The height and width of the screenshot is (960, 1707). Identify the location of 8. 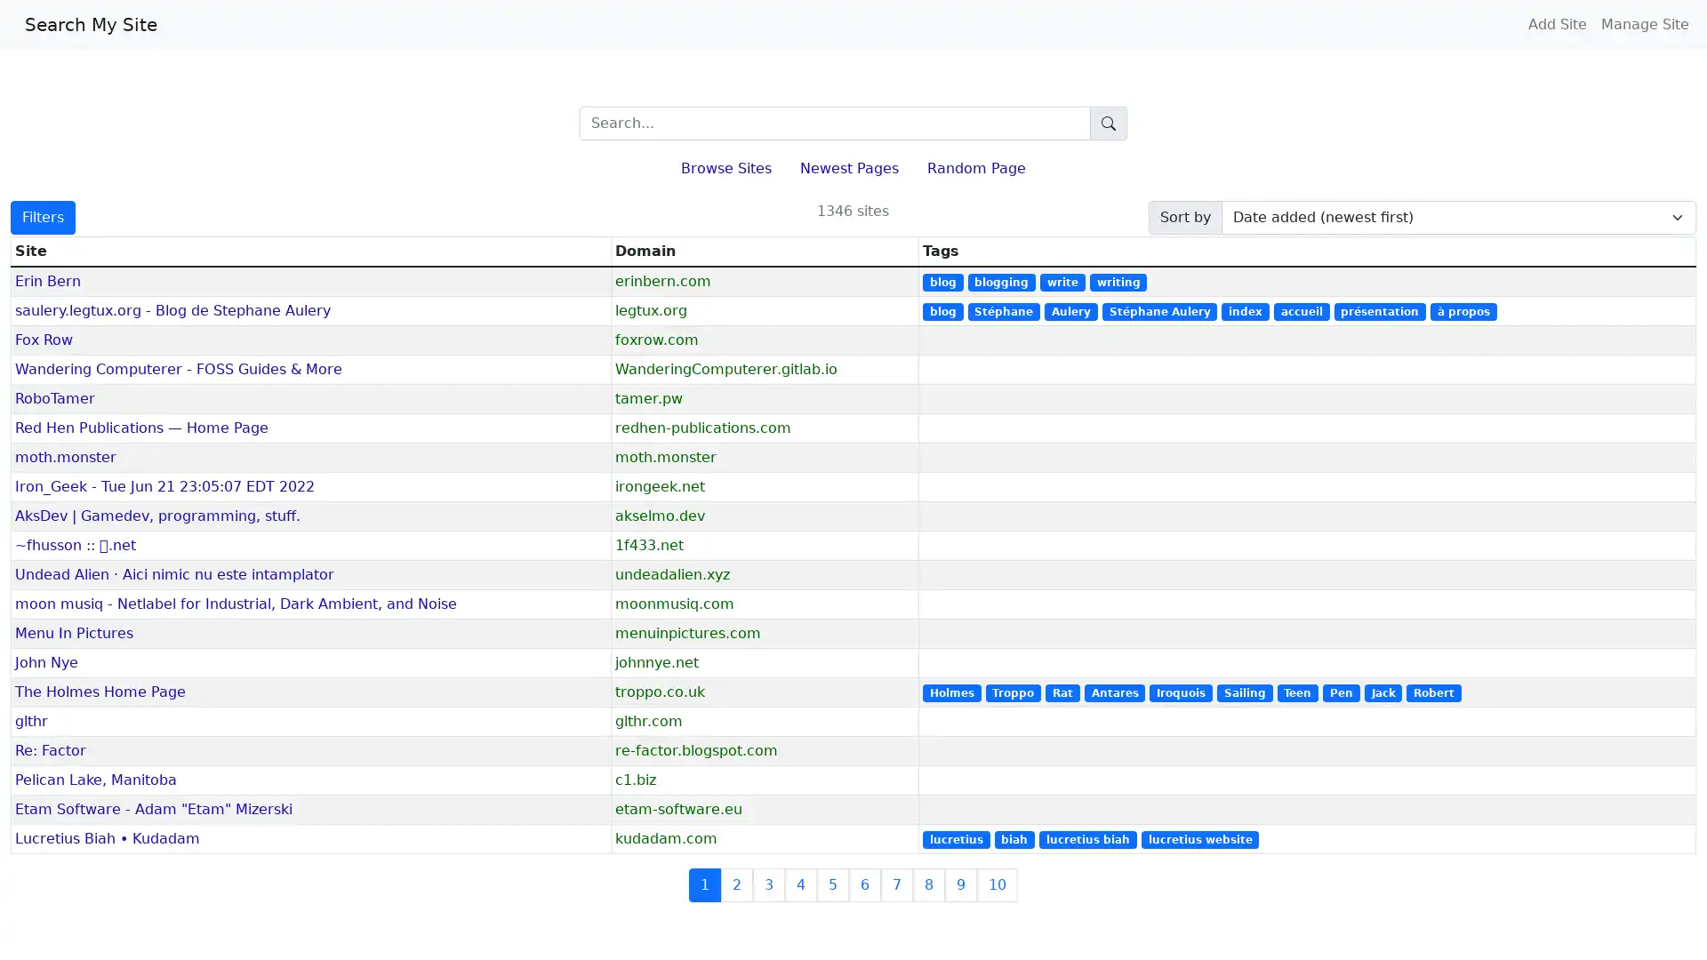
(928, 884).